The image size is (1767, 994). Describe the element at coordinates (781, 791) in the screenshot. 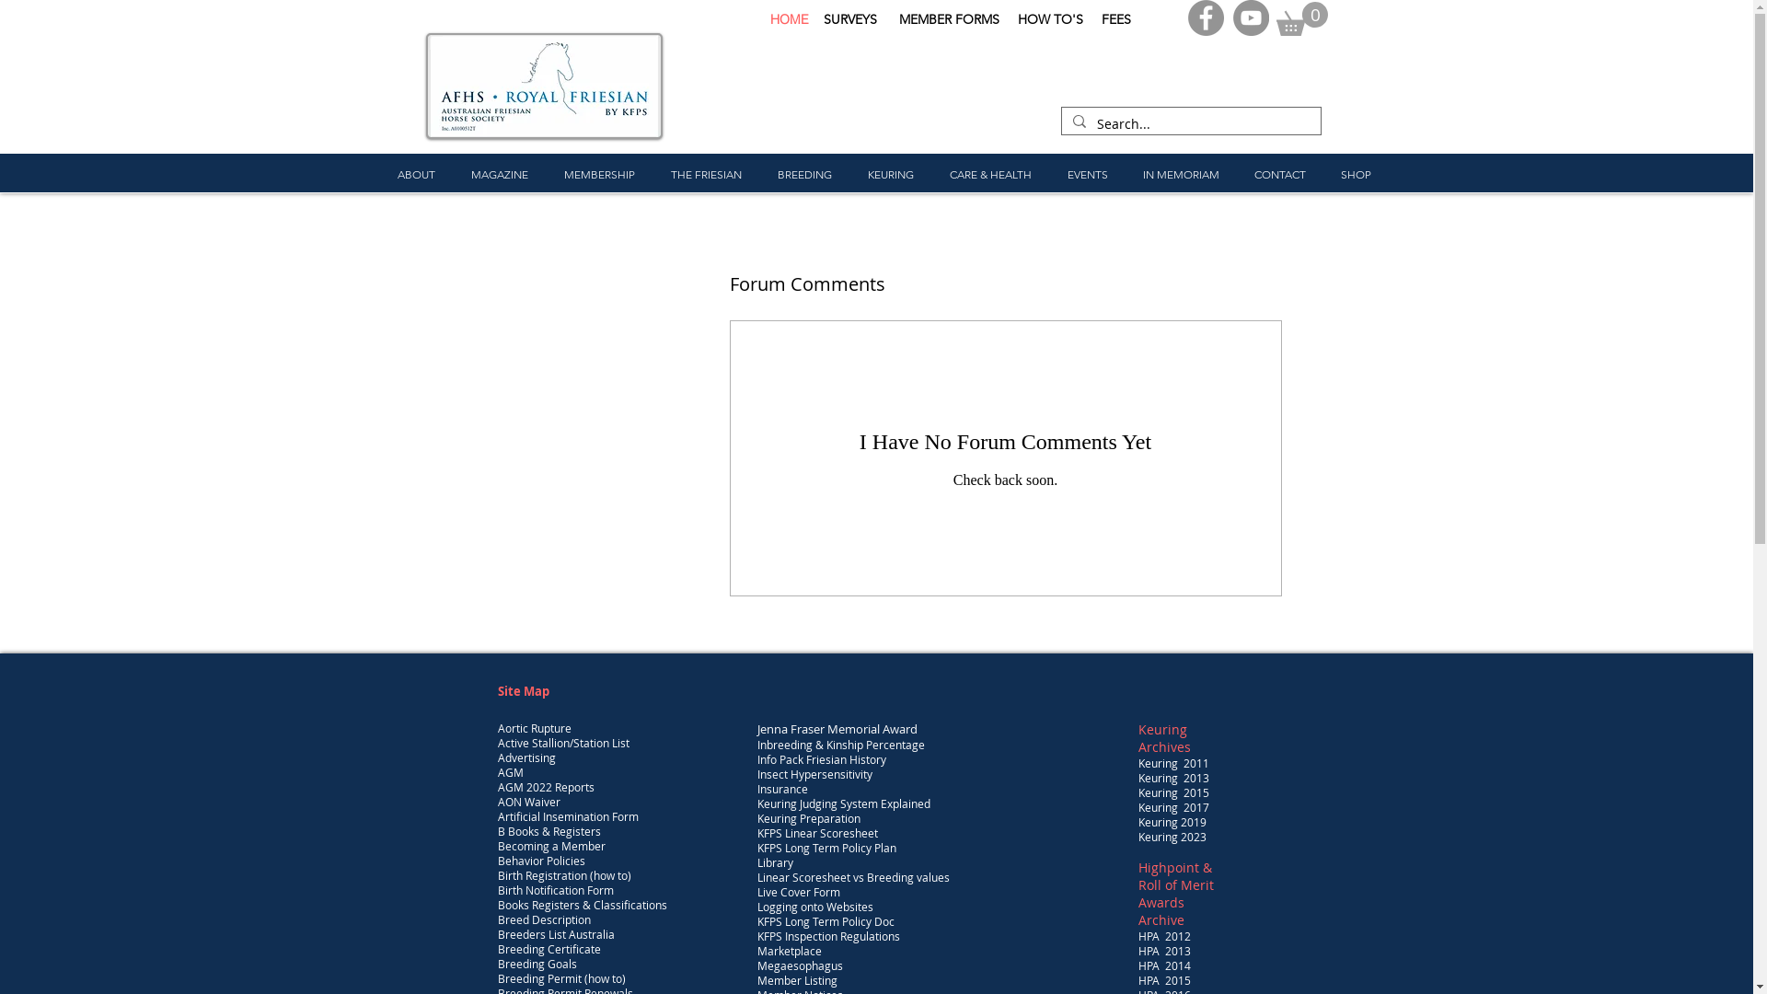

I see `'Insurance'` at that location.